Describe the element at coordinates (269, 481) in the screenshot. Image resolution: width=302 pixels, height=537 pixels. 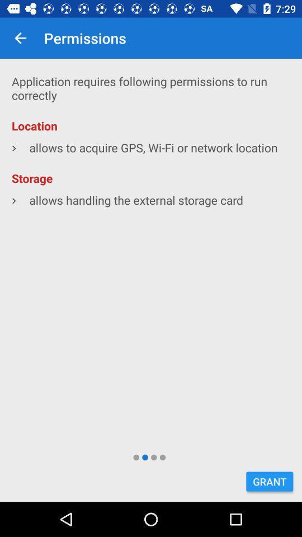
I see `the grant at the bottom right corner` at that location.